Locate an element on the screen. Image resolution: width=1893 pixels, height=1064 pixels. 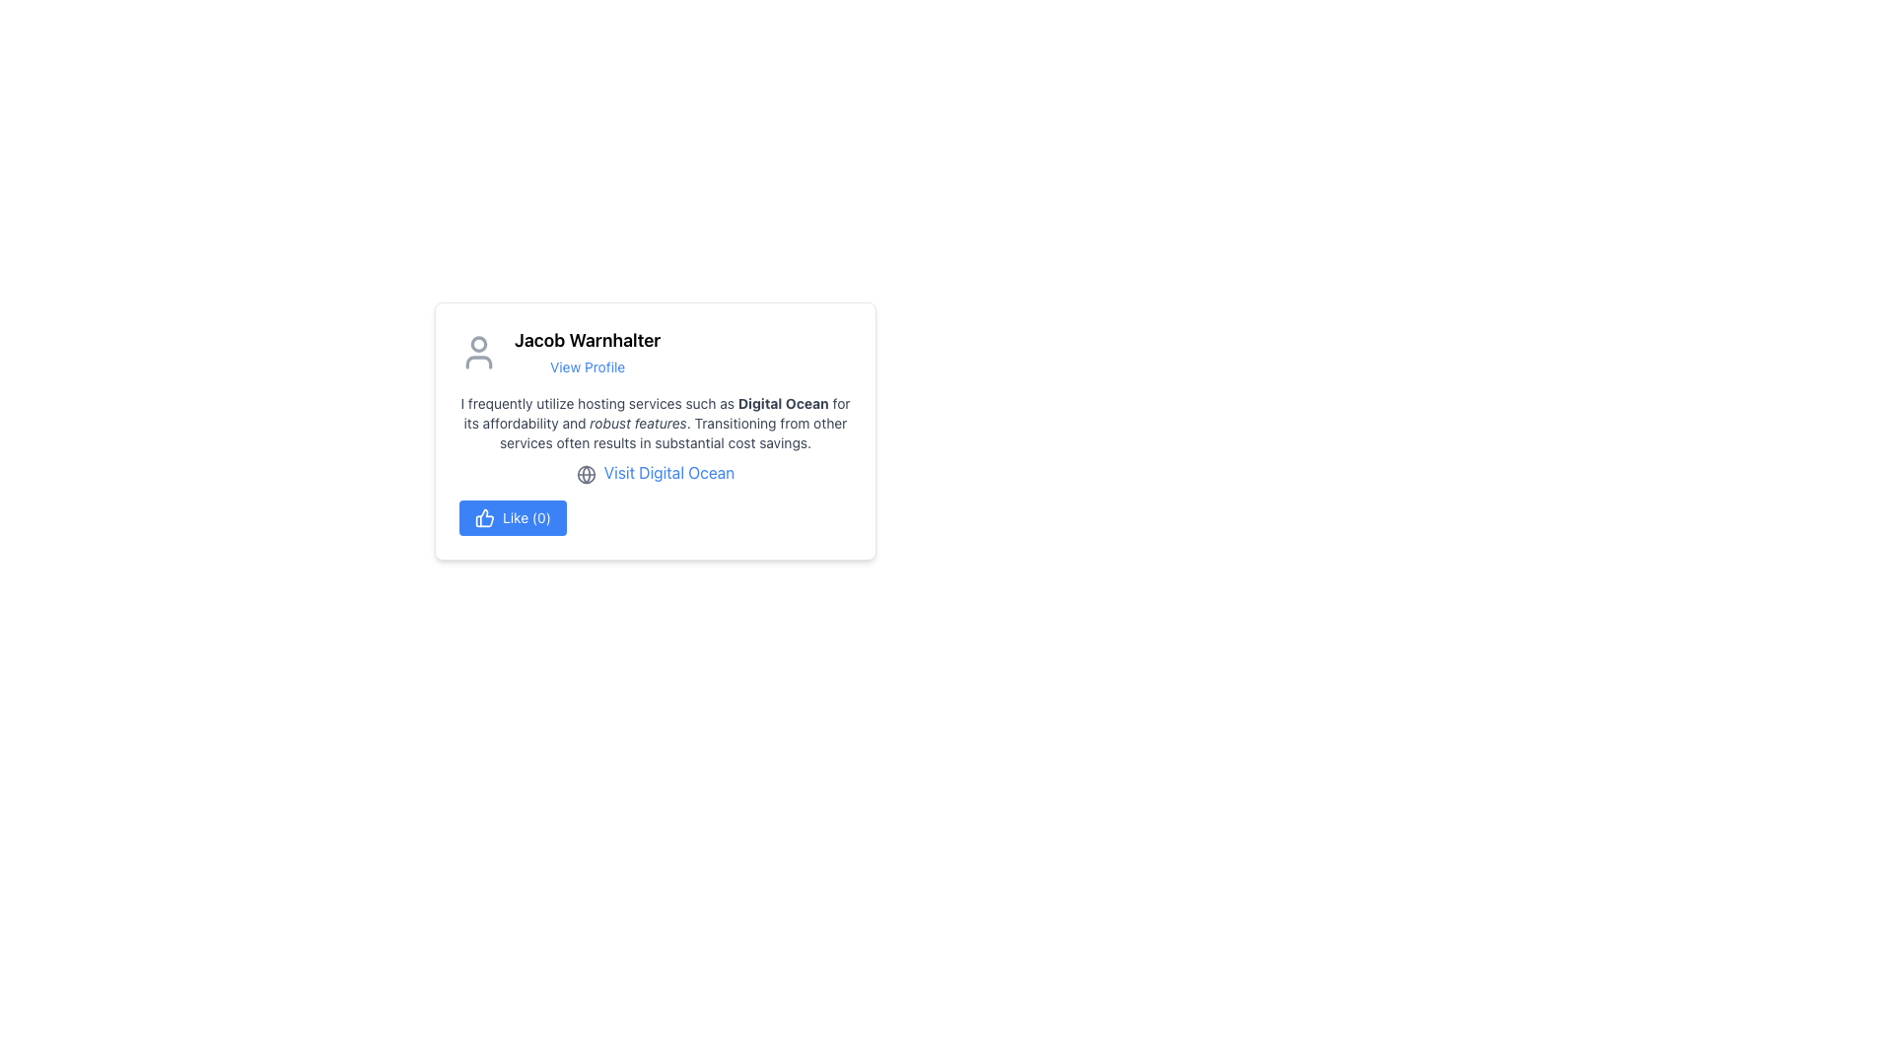
the text span displaying 'robust features', which is styled in a smaller grayish font and located centrally within a card layout, part of a paragraph about hosting services is located at coordinates (638, 422).